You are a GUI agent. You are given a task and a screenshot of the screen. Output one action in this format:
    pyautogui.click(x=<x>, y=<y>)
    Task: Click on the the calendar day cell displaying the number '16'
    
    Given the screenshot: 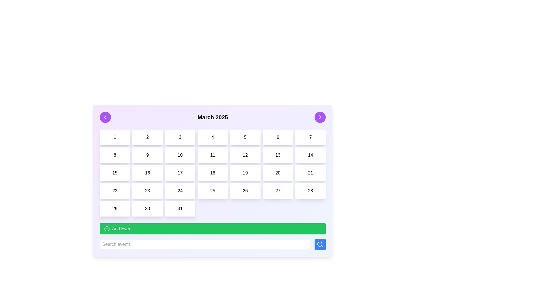 What is the action you would take?
    pyautogui.click(x=147, y=173)
    